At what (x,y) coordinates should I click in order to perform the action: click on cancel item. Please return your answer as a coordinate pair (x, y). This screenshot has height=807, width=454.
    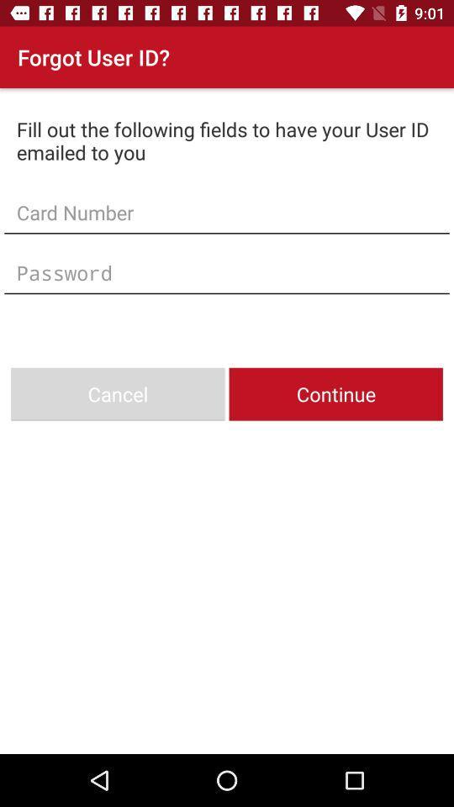
    Looking at the image, I should click on (117, 394).